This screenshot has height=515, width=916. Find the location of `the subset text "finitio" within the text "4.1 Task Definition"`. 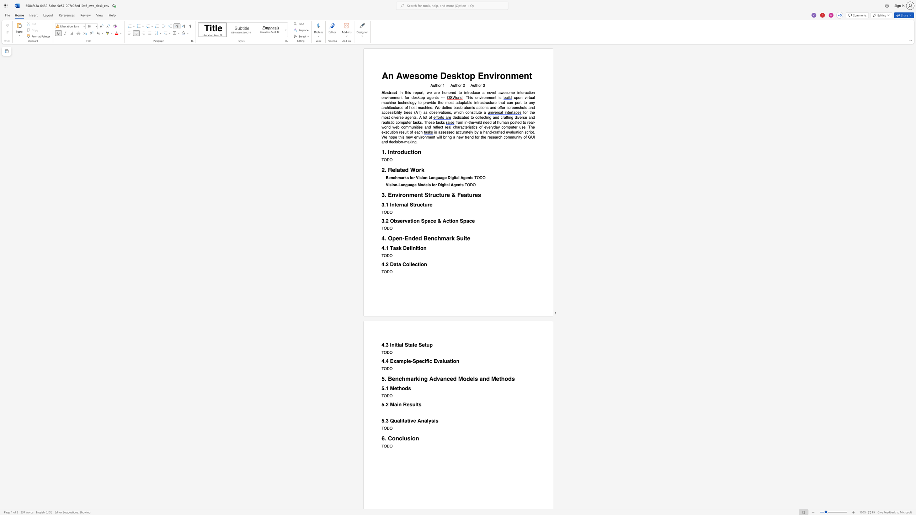

the subset text "finitio" within the text "4.1 Task Definition" is located at coordinates (409, 248).